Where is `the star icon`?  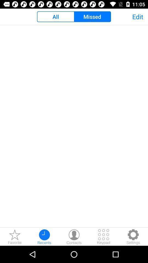 the star icon is located at coordinates (15, 236).